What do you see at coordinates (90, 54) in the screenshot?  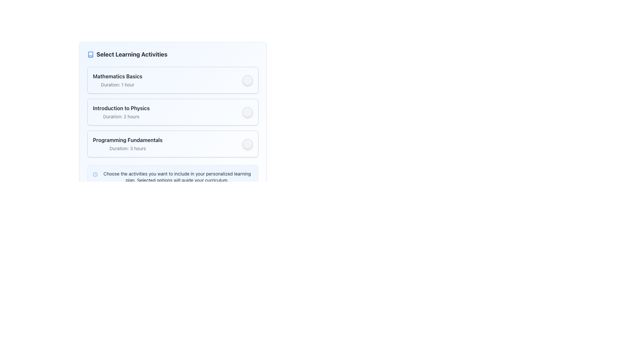 I see `the educational icon located at the top-left side of the interface, adjacent to the text 'Select Learning Activities'` at bounding box center [90, 54].